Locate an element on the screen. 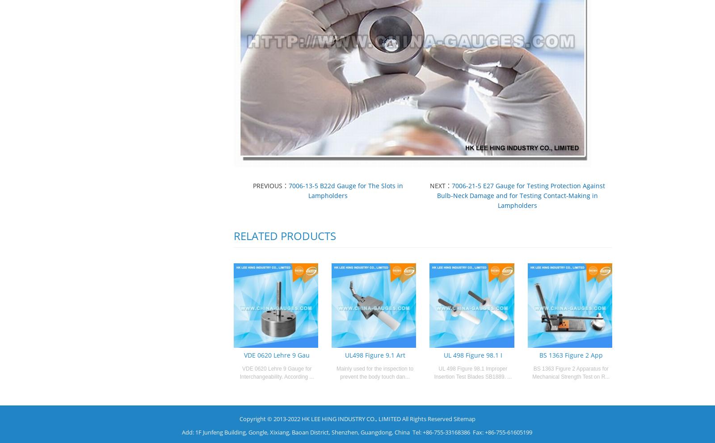 This screenshot has height=443, width=715. 'Copyright © 2013-2022 HK LEE HING INDUSTRY CO., LIMITED All Rights Reserved' is located at coordinates (346, 418).